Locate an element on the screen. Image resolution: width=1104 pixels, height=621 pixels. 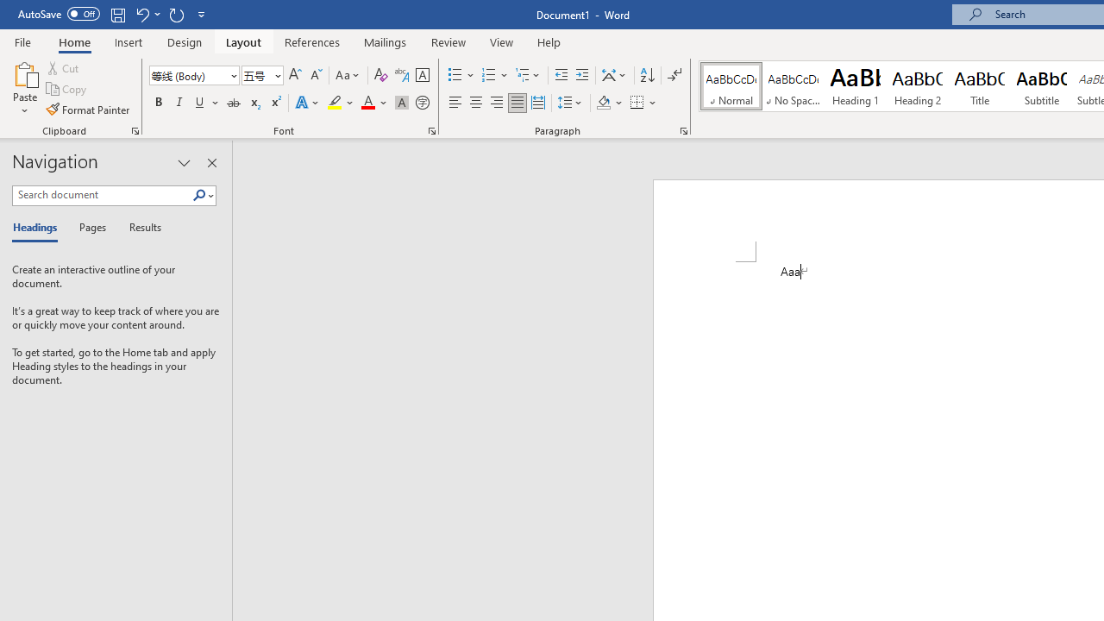
'Font Color Red' is located at coordinates (367, 103).